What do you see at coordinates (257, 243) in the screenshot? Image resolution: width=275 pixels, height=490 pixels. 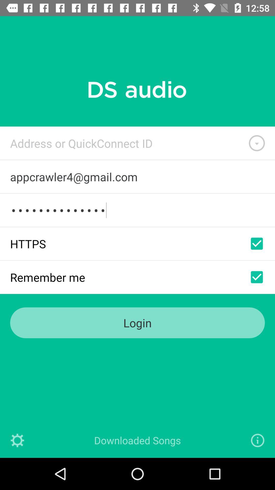 I see `this choice` at bounding box center [257, 243].